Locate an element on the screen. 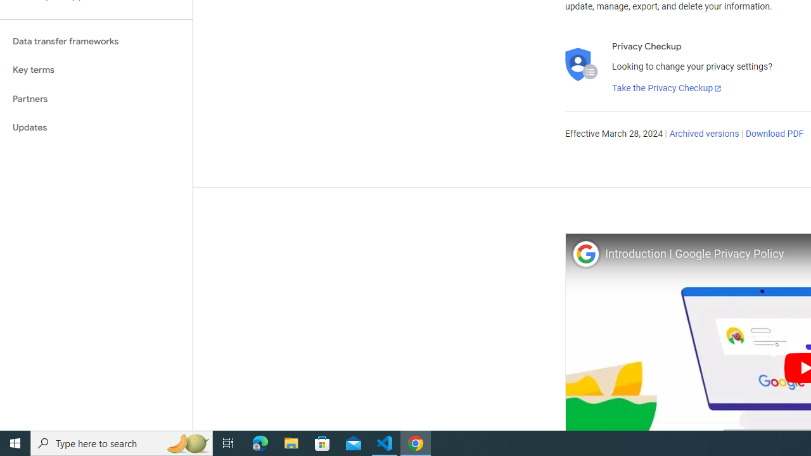 The image size is (811, 456). 'Data transfer frameworks' is located at coordinates (96, 41).